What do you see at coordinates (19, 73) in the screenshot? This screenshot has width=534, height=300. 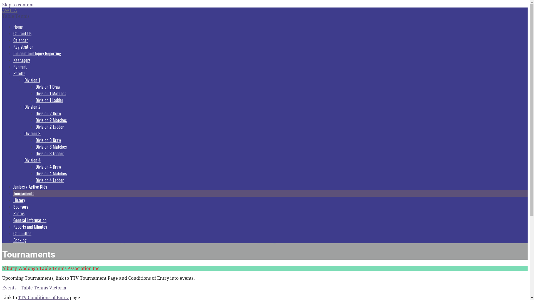 I see `'Results'` at bounding box center [19, 73].